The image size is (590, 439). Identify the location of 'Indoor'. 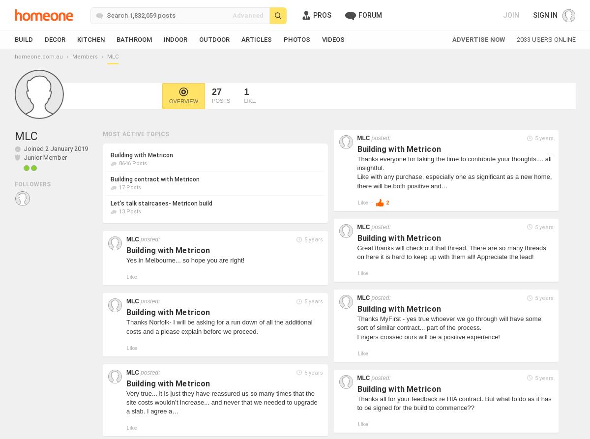
(176, 39).